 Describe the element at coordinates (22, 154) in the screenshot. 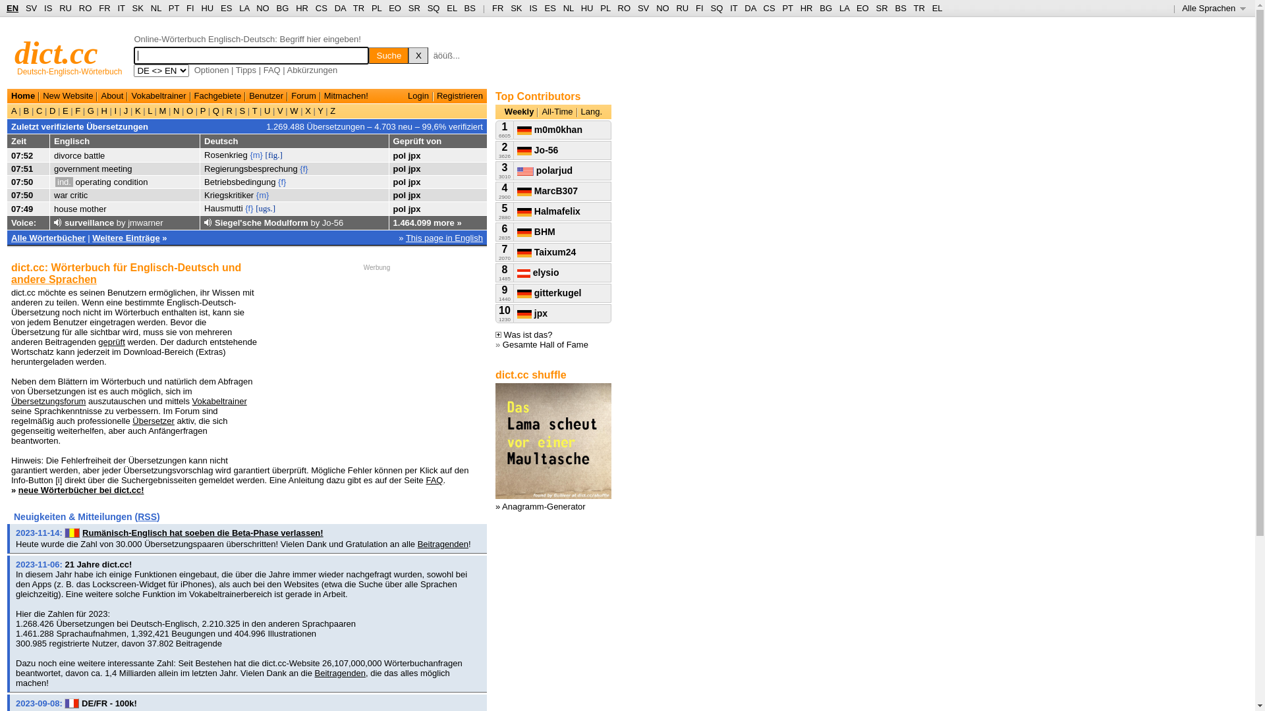

I see `'07:52'` at that location.